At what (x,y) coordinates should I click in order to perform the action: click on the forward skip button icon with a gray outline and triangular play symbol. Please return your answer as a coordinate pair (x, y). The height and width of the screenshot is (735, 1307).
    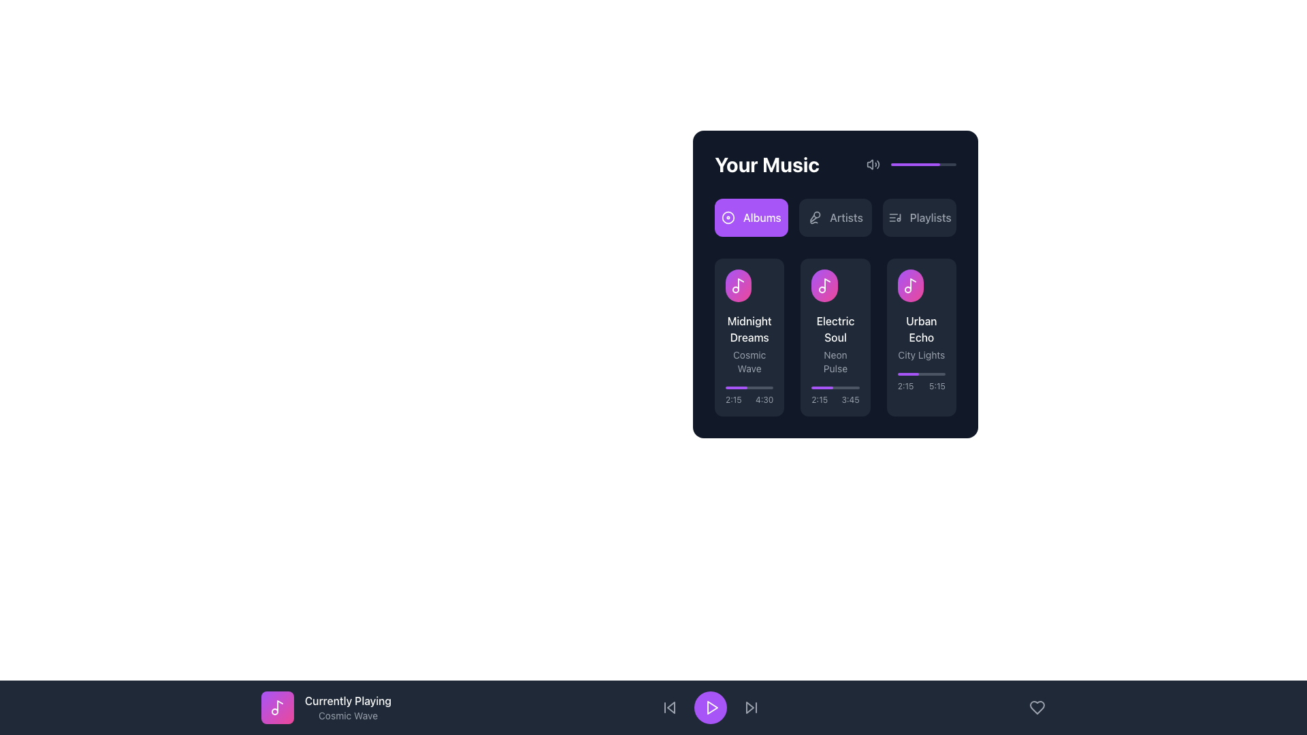
    Looking at the image, I should click on (750, 707).